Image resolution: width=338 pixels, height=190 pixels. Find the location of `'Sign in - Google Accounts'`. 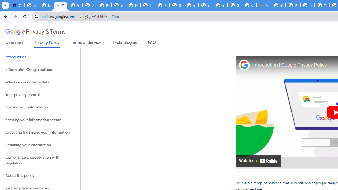

'Sign in - Google Accounts' is located at coordinates (205, 5).